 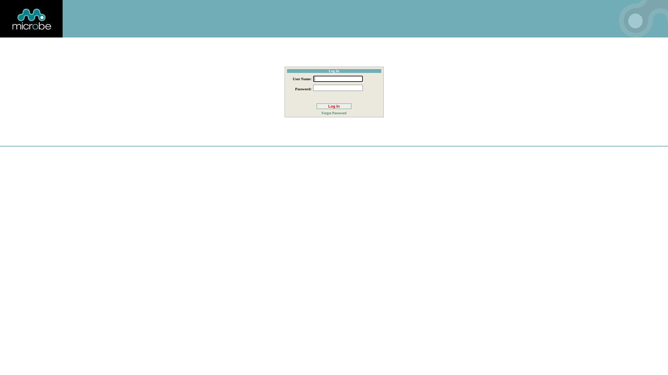 What do you see at coordinates (334, 112) in the screenshot?
I see `'Forgot Password'` at bounding box center [334, 112].